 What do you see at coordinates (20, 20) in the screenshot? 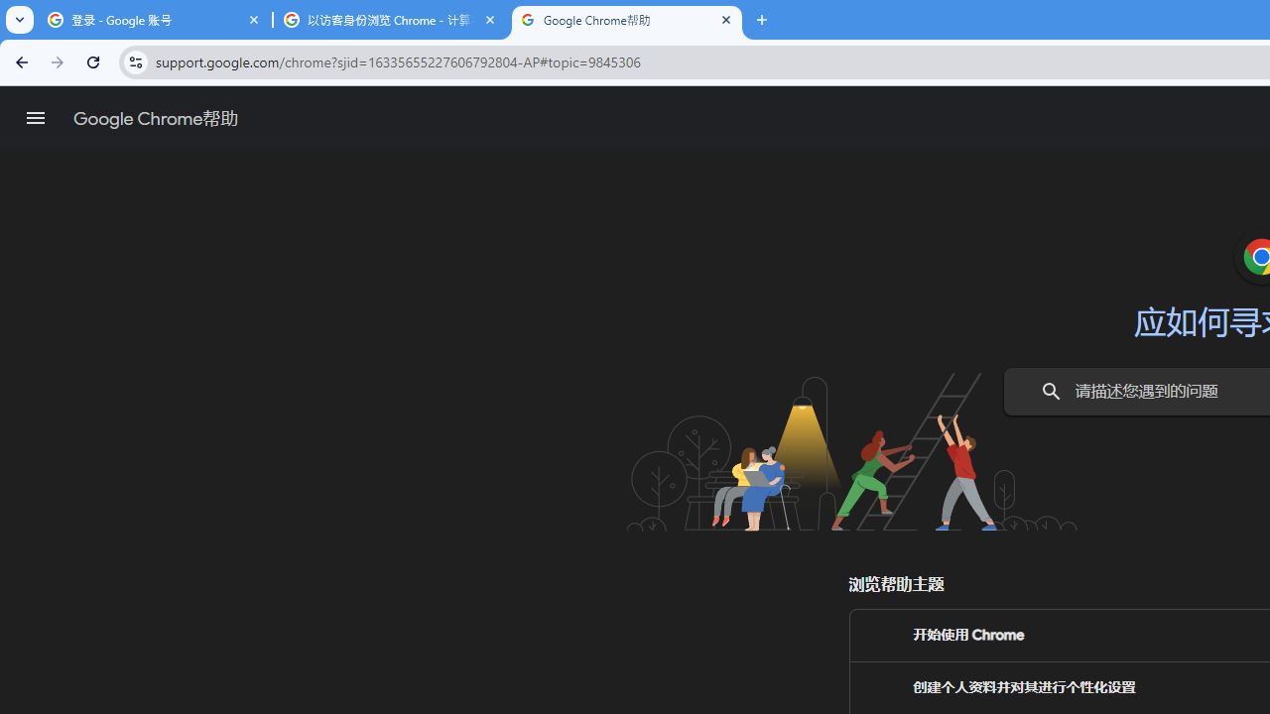
I see `'Search tabs'` at bounding box center [20, 20].